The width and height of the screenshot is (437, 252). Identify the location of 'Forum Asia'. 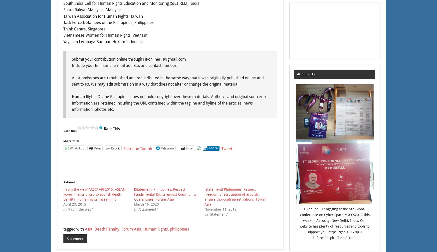
(131, 229).